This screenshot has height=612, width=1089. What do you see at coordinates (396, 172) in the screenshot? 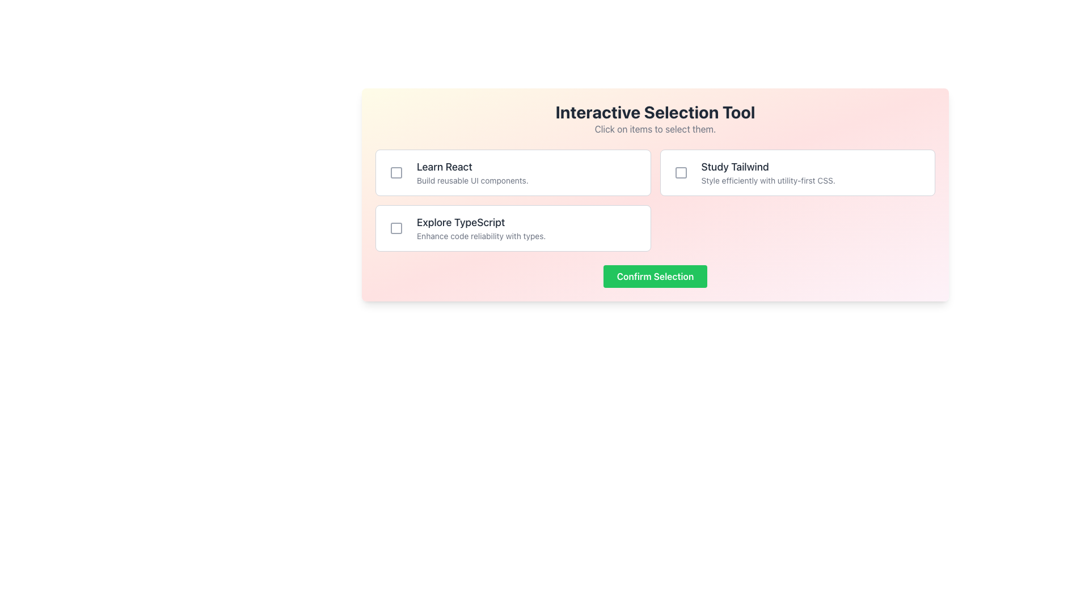
I see `the checkbox indicator element next to the 'Learn React' option in the interactive selection tool` at bounding box center [396, 172].